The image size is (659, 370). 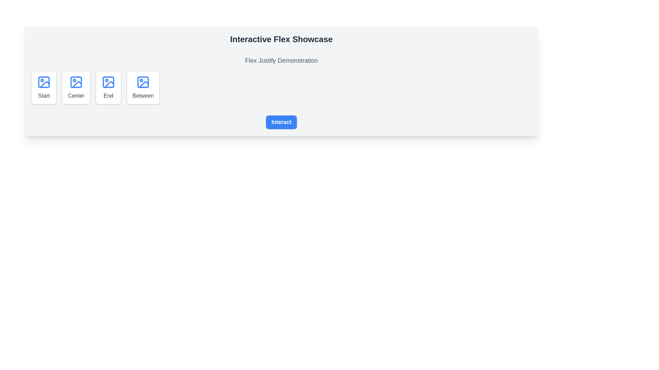 What do you see at coordinates (108, 82) in the screenshot?
I see `the decorative shape within the 'End' button` at bounding box center [108, 82].